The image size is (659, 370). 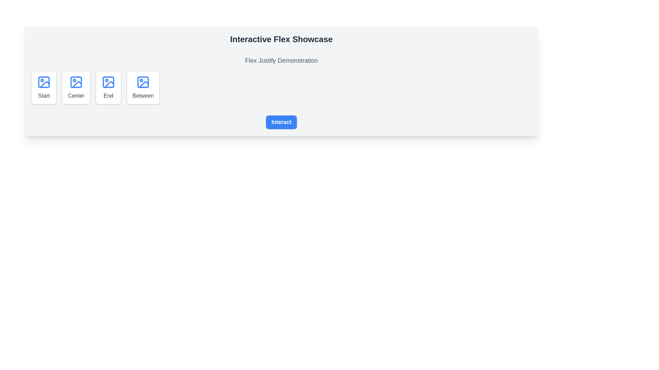 What do you see at coordinates (108, 82) in the screenshot?
I see `the decorative shape within the 'End' button` at bounding box center [108, 82].